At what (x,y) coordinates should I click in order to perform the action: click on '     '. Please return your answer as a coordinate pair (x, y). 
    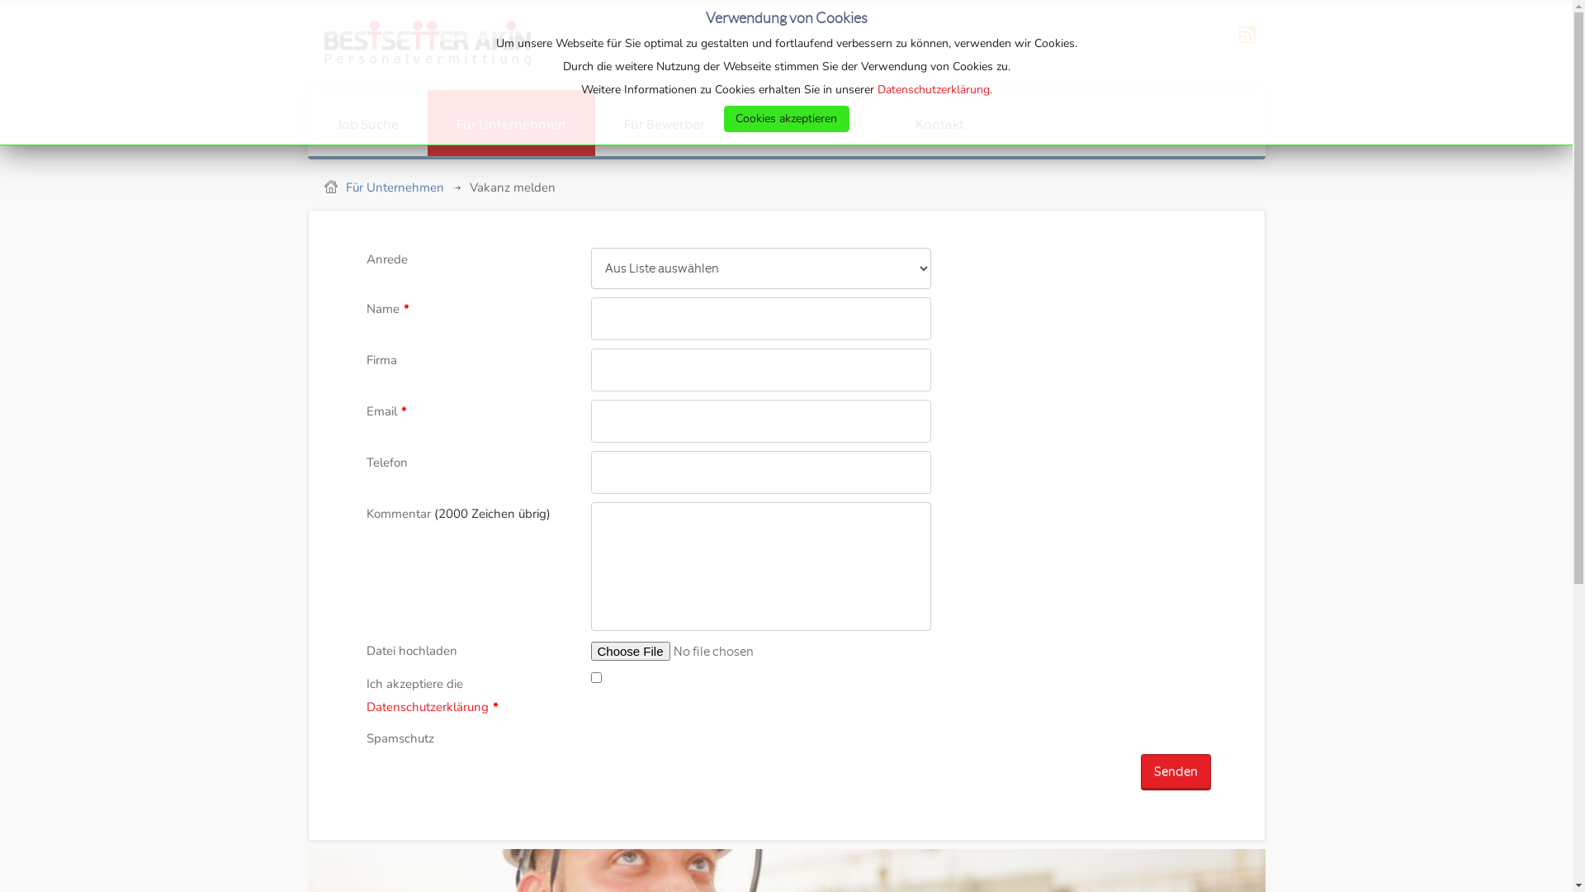
    Looking at the image, I should click on (419, 46).